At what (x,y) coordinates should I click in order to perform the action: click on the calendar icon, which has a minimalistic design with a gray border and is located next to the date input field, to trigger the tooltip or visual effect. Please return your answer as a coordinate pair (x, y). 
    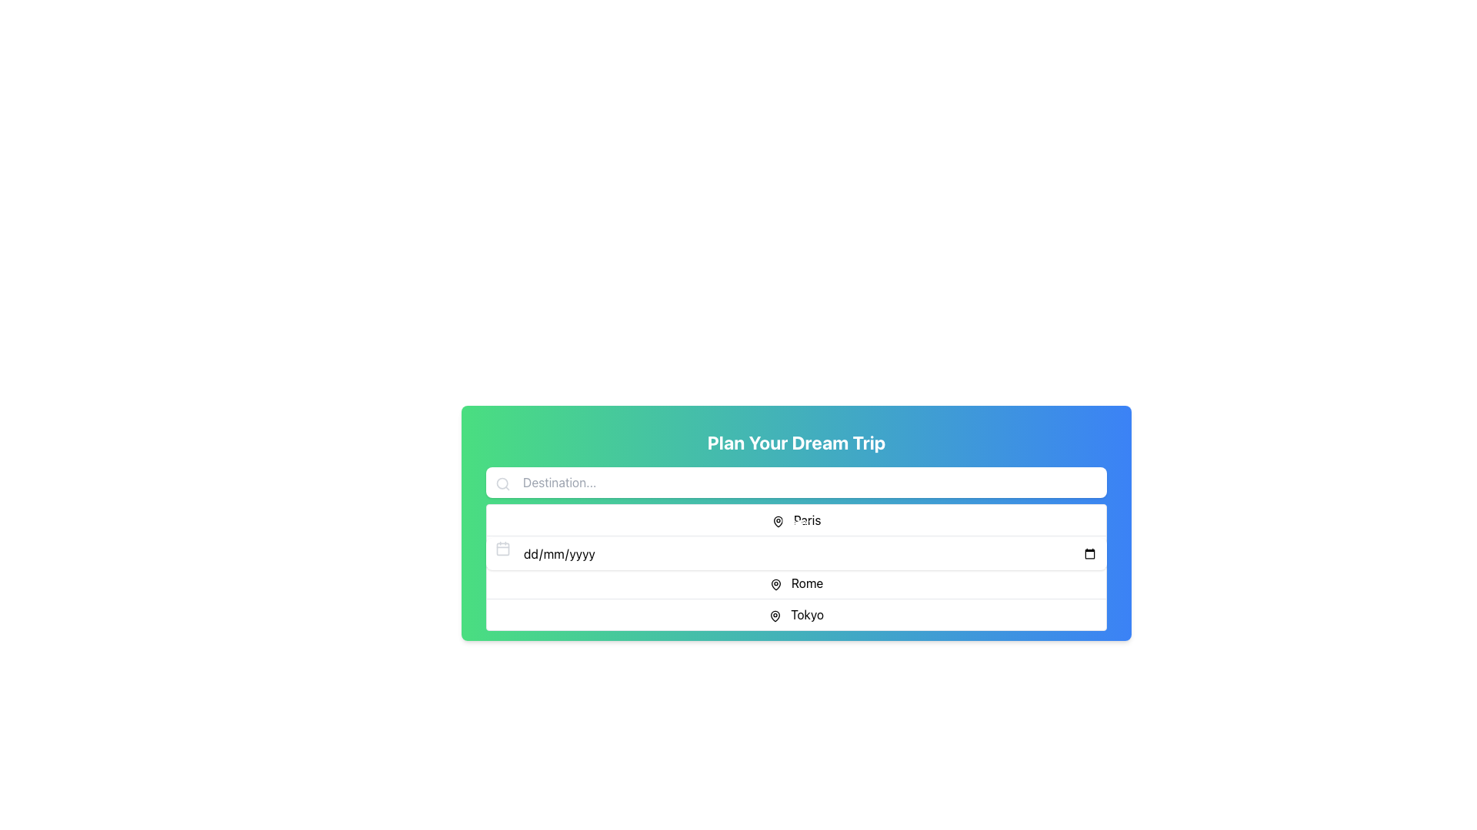
    Looking at the image, I should click on (502, 547).